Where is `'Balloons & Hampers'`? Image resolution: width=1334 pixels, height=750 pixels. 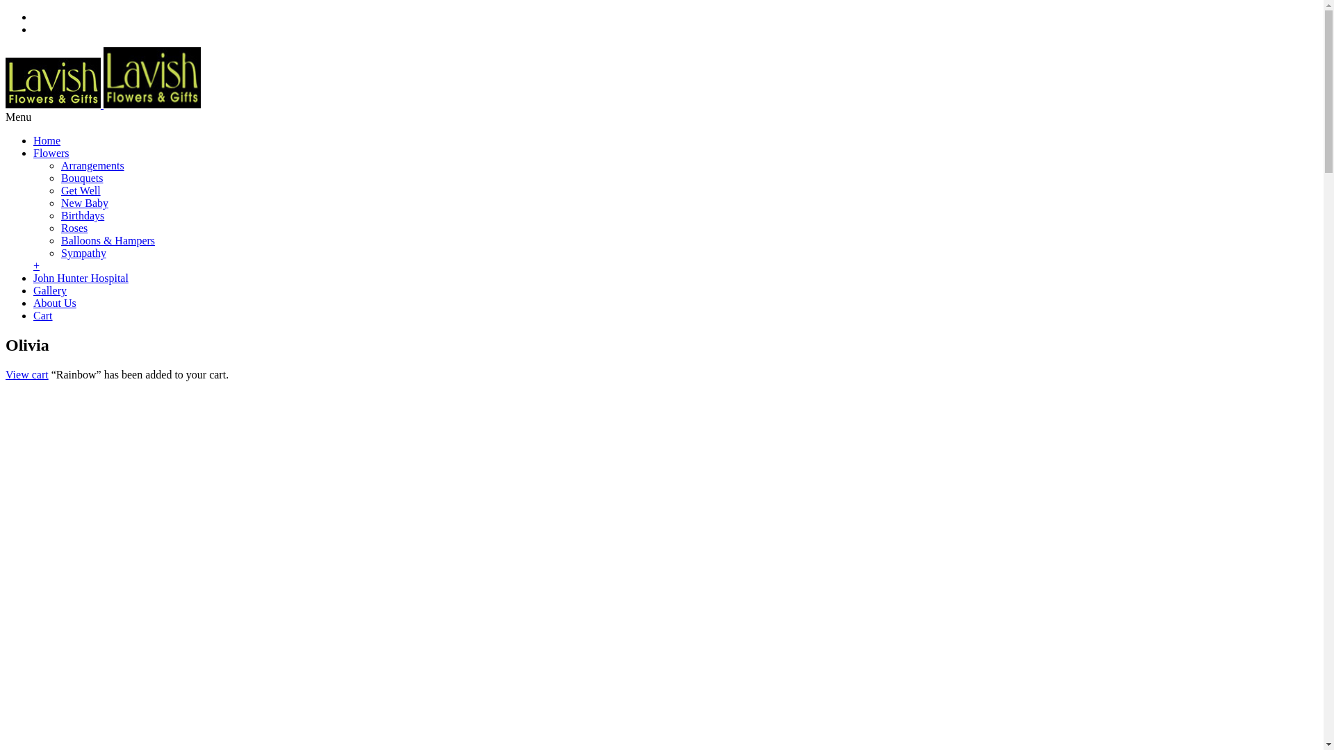
'Balloons & Hampers' is located at coordinates (107, 240).